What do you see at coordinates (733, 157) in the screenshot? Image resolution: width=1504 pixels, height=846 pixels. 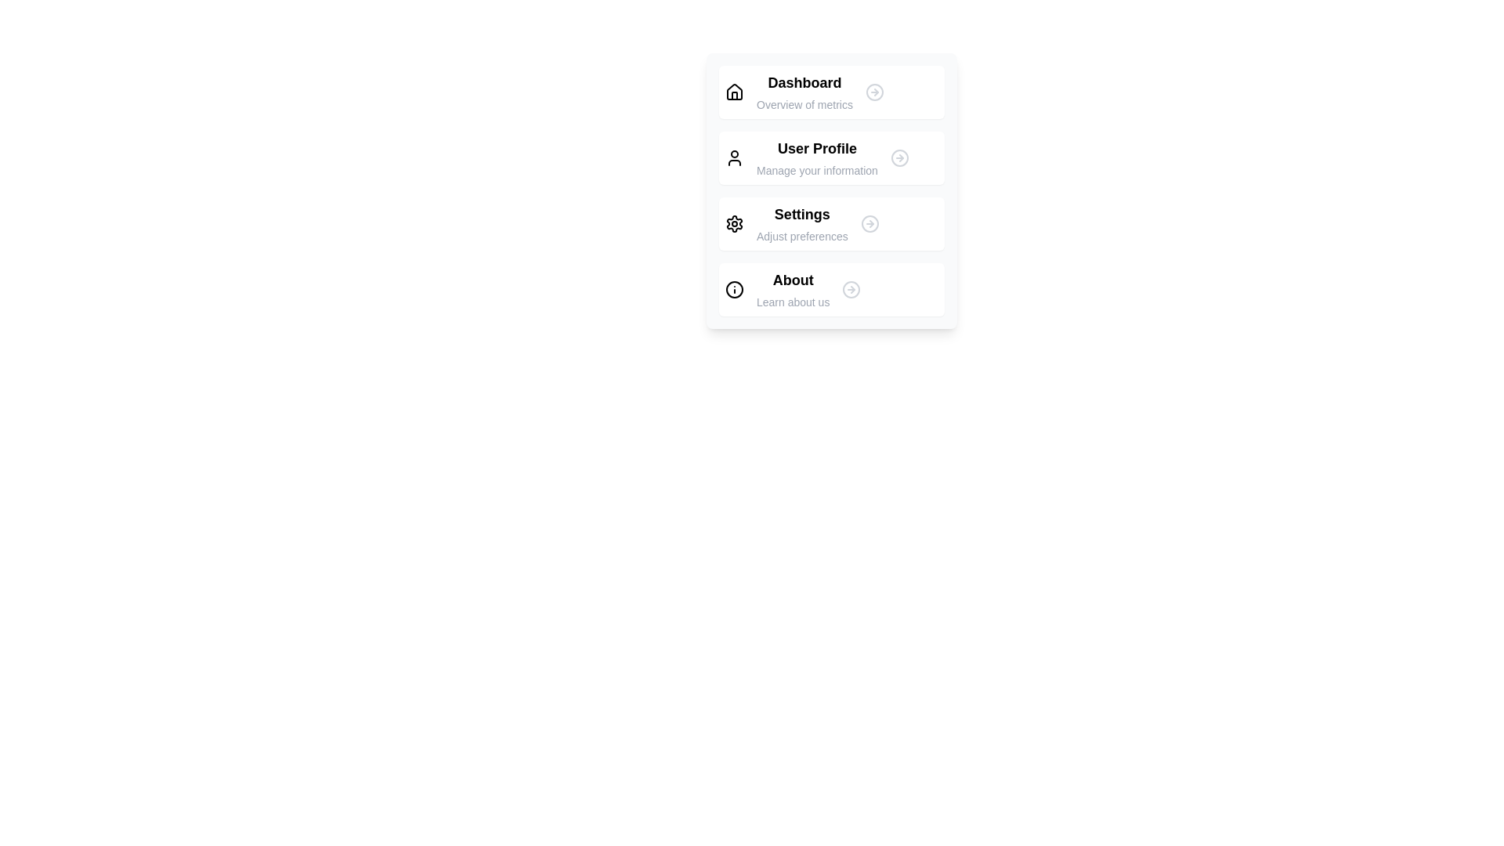 I see `the first icon in the 'User Profile' section, which visually represents the 'User Profile' for intuitive navigation` at bounding box center [733, 157].